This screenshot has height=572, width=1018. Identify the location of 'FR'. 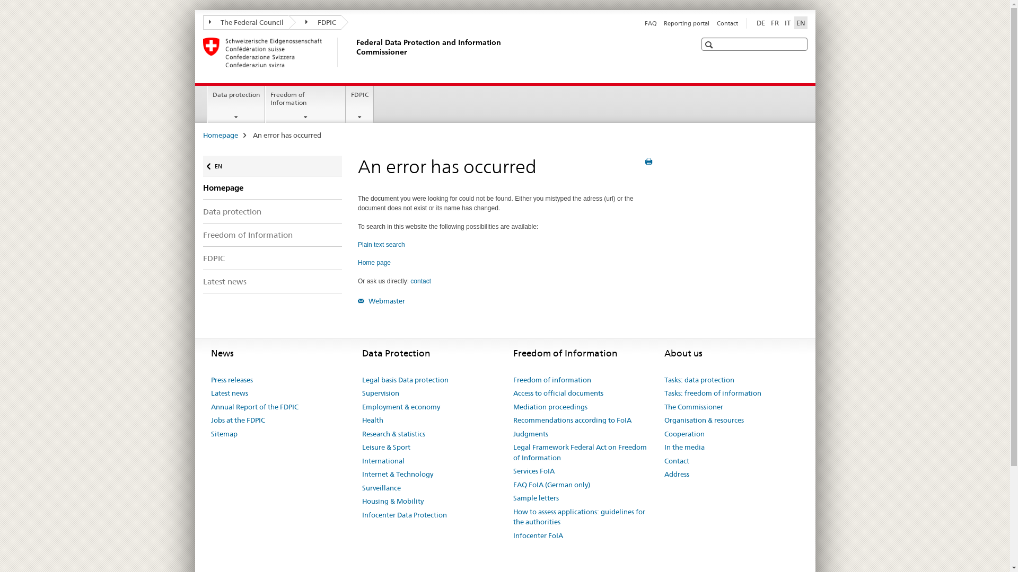
(775, 22).